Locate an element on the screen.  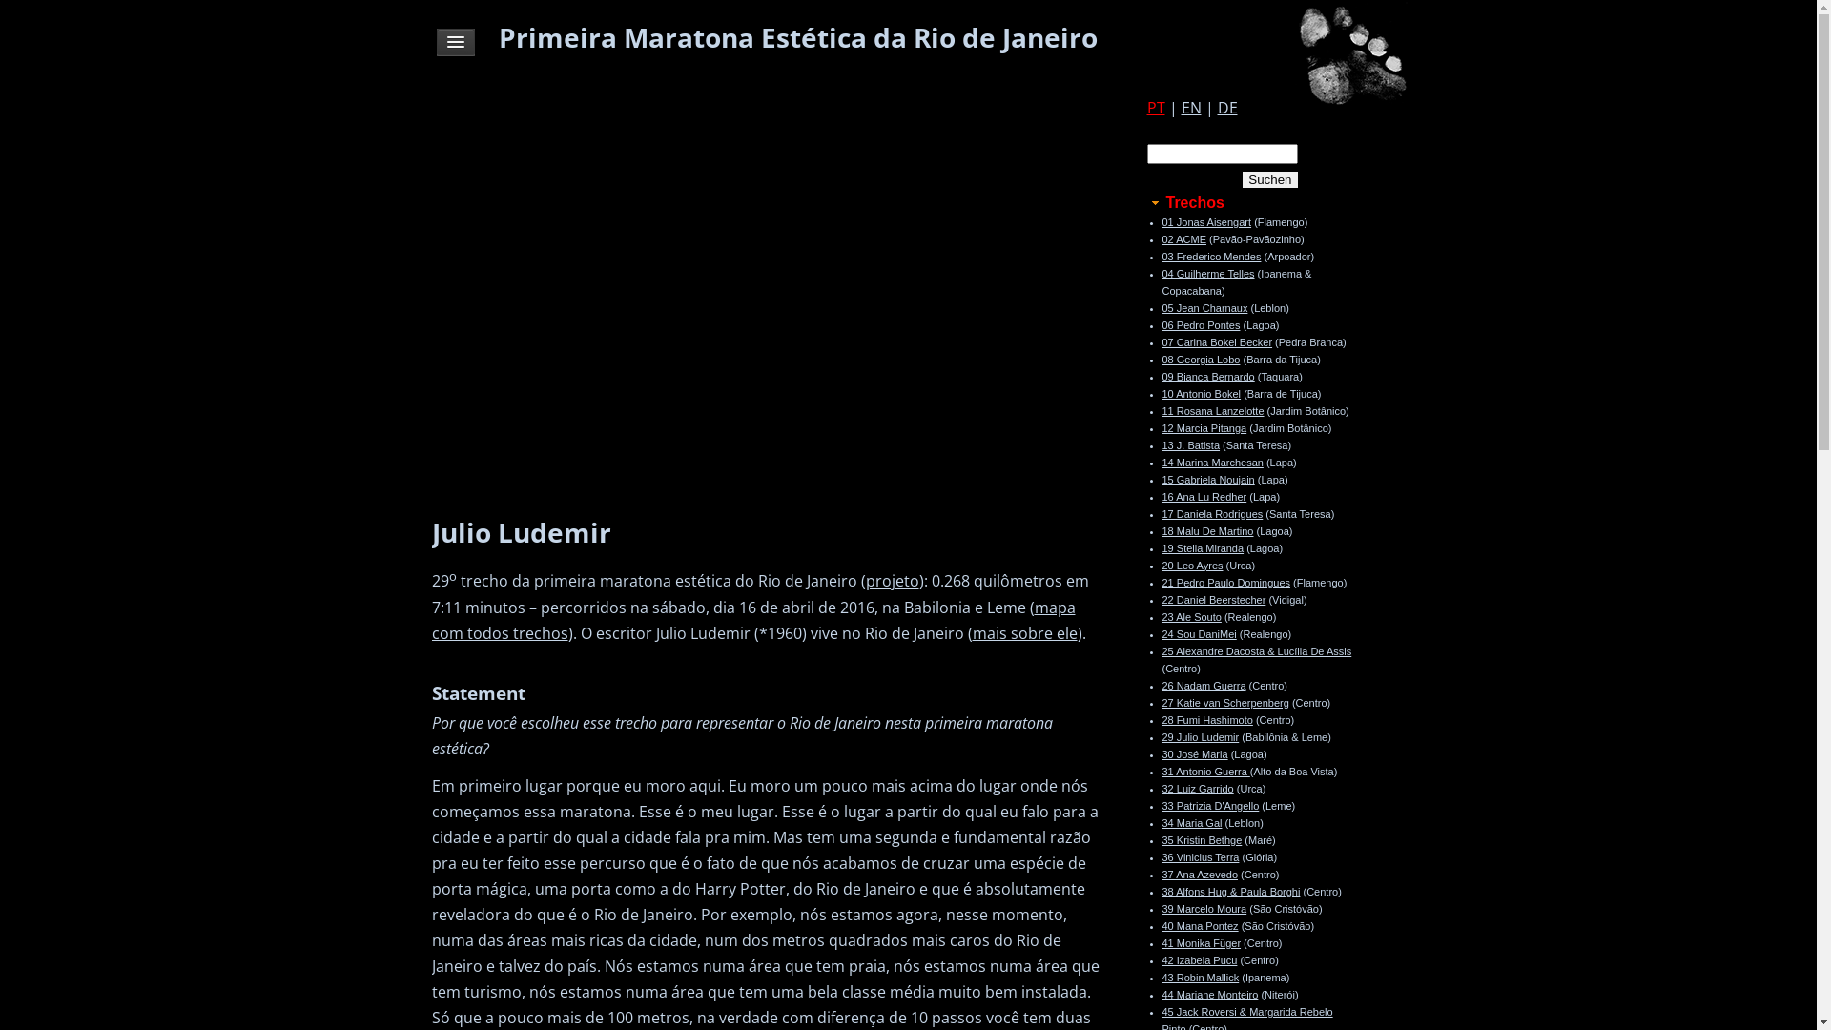
'Trechos' is located at coordinates (1144, 202).